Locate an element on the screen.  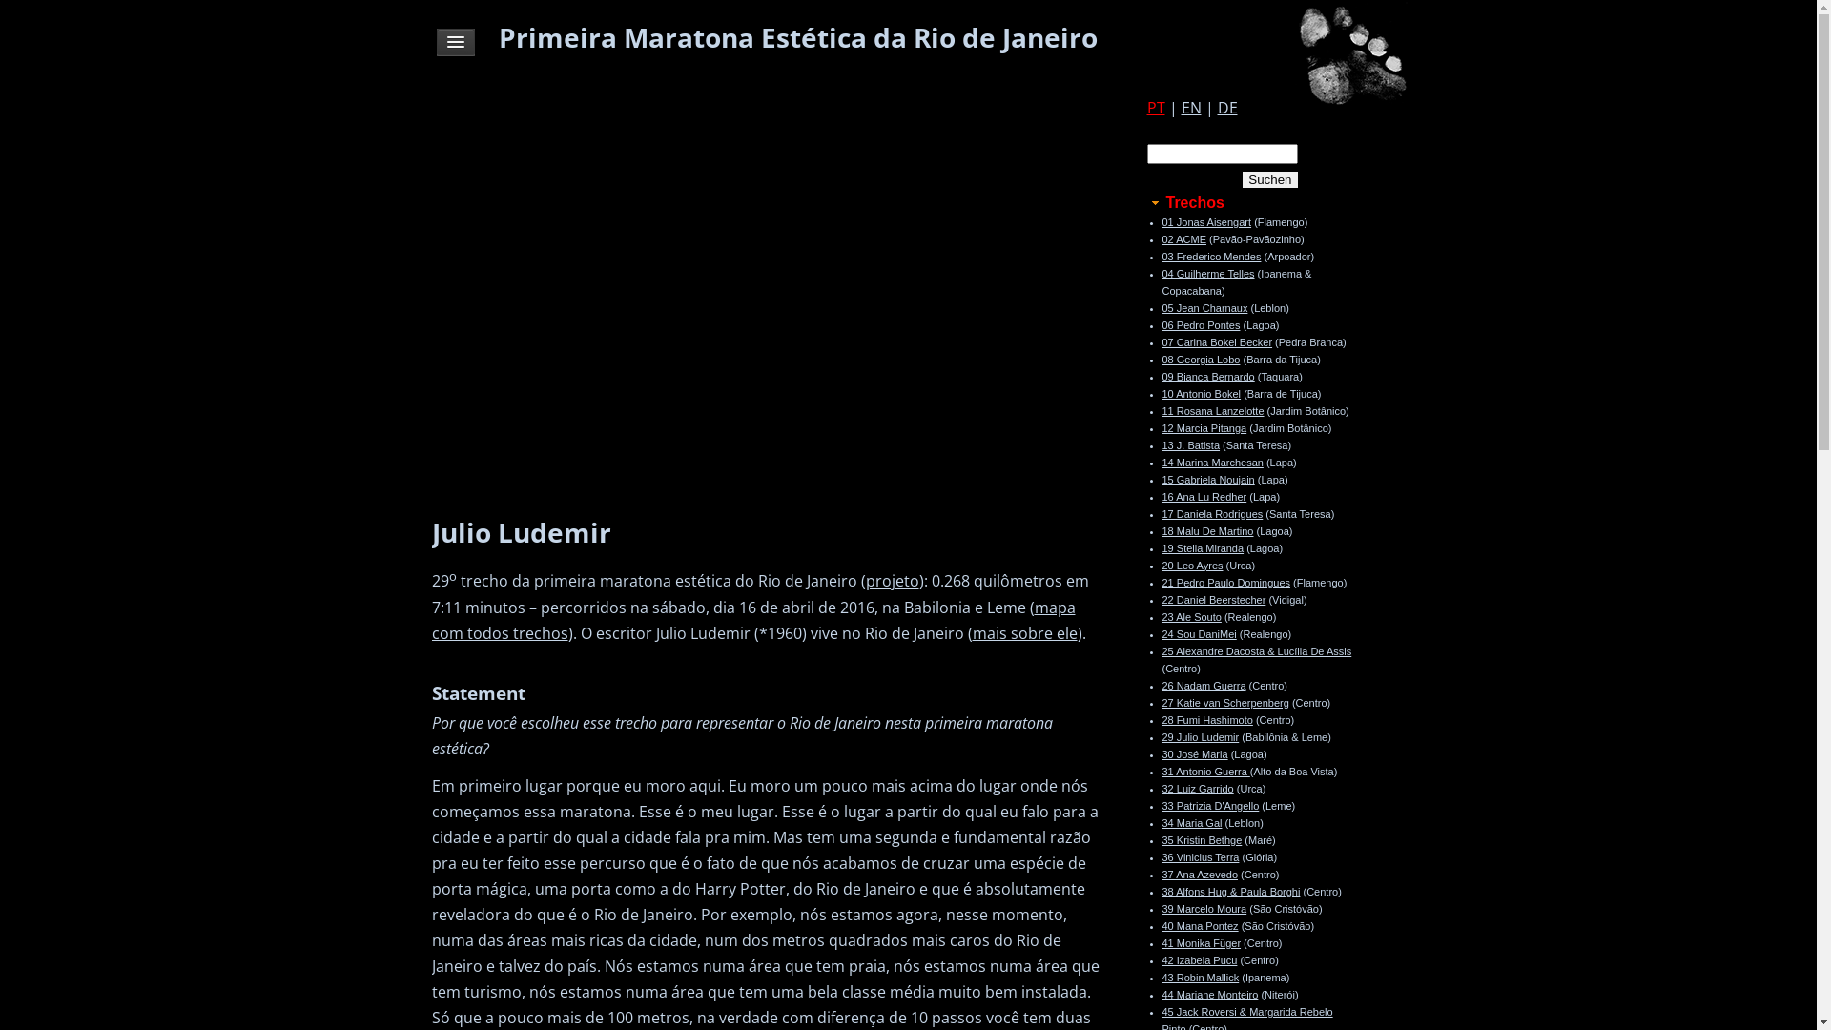
'Trechos' is located at coordinates (1144, 202).